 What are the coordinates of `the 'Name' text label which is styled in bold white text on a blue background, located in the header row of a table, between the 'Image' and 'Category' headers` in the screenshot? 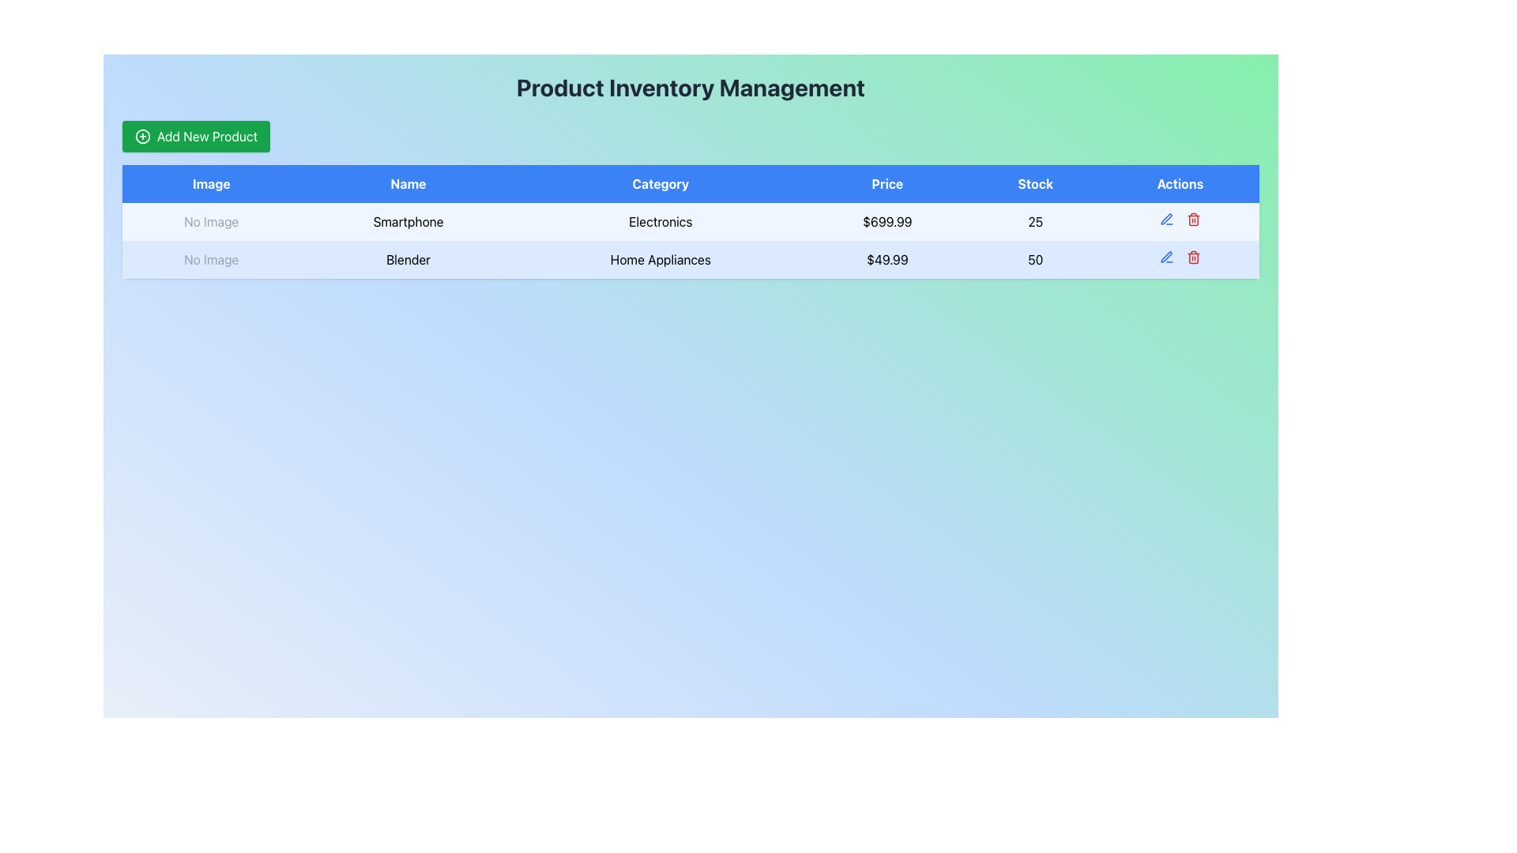 It's located at (408, 182).